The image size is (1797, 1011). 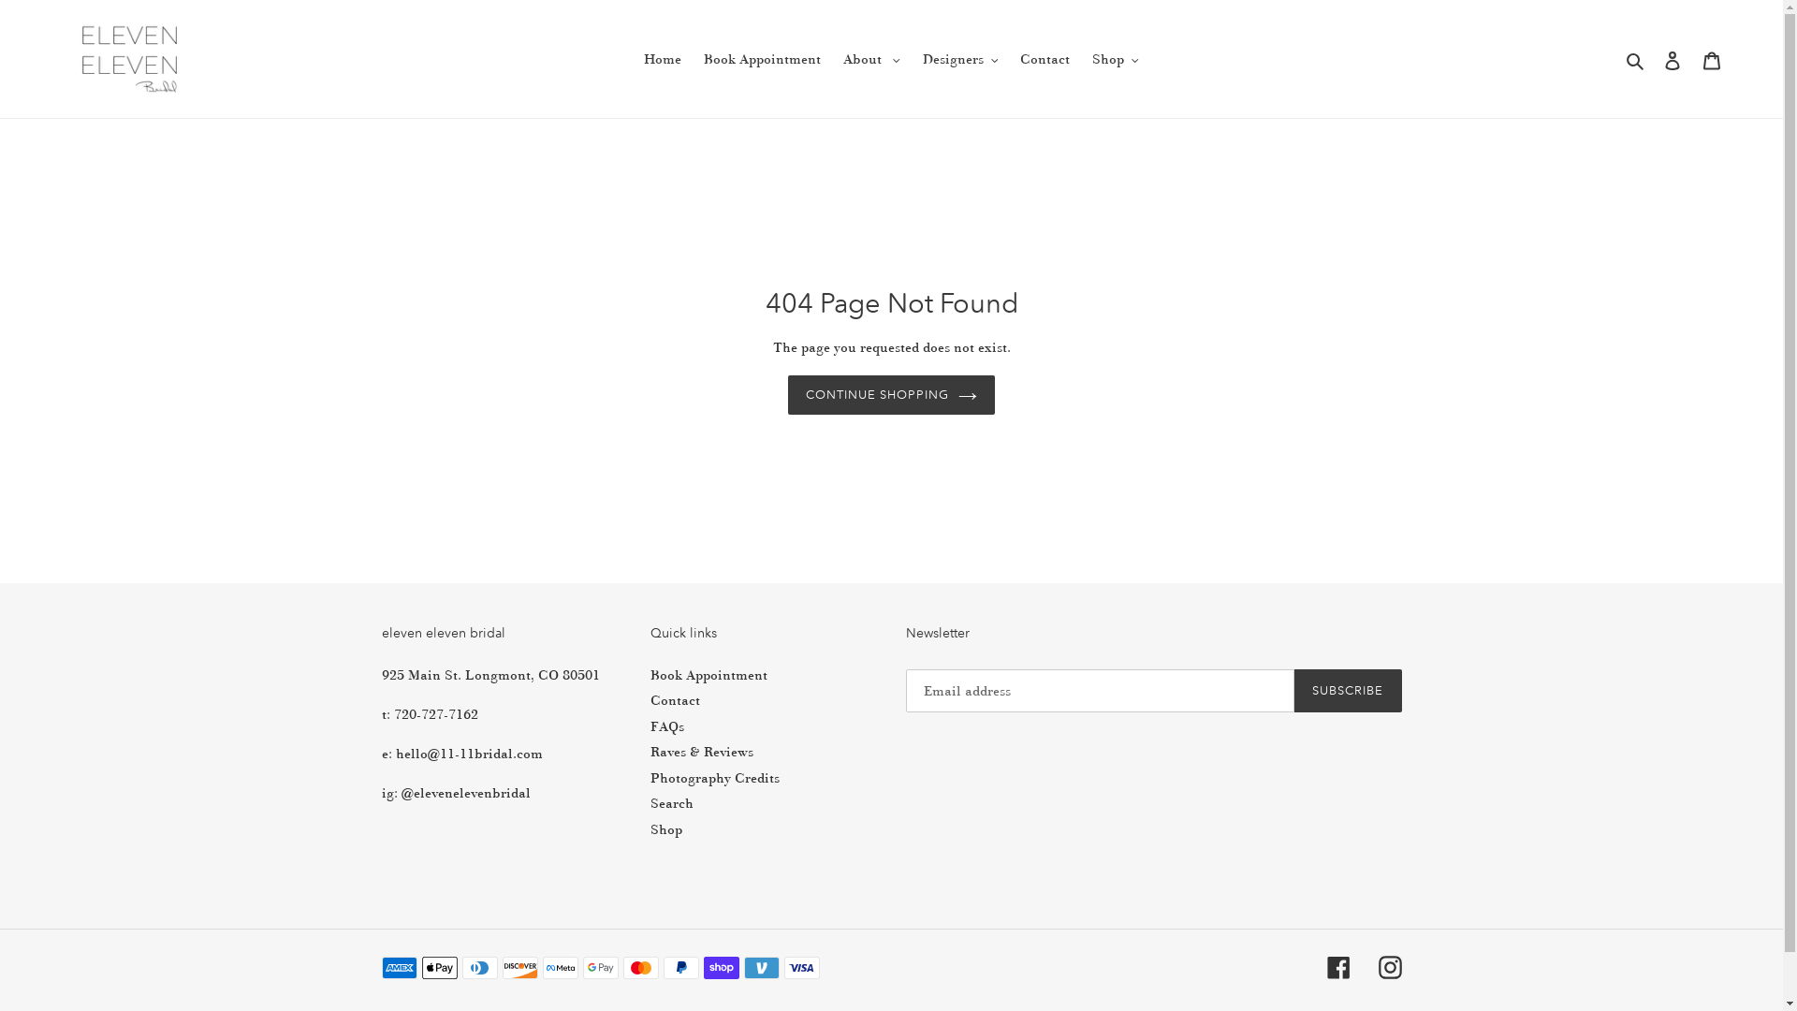 What do you see at coordinates (1635, 58) in the screenshot?
I see `'Search'` at bounding box center [1635, 58].